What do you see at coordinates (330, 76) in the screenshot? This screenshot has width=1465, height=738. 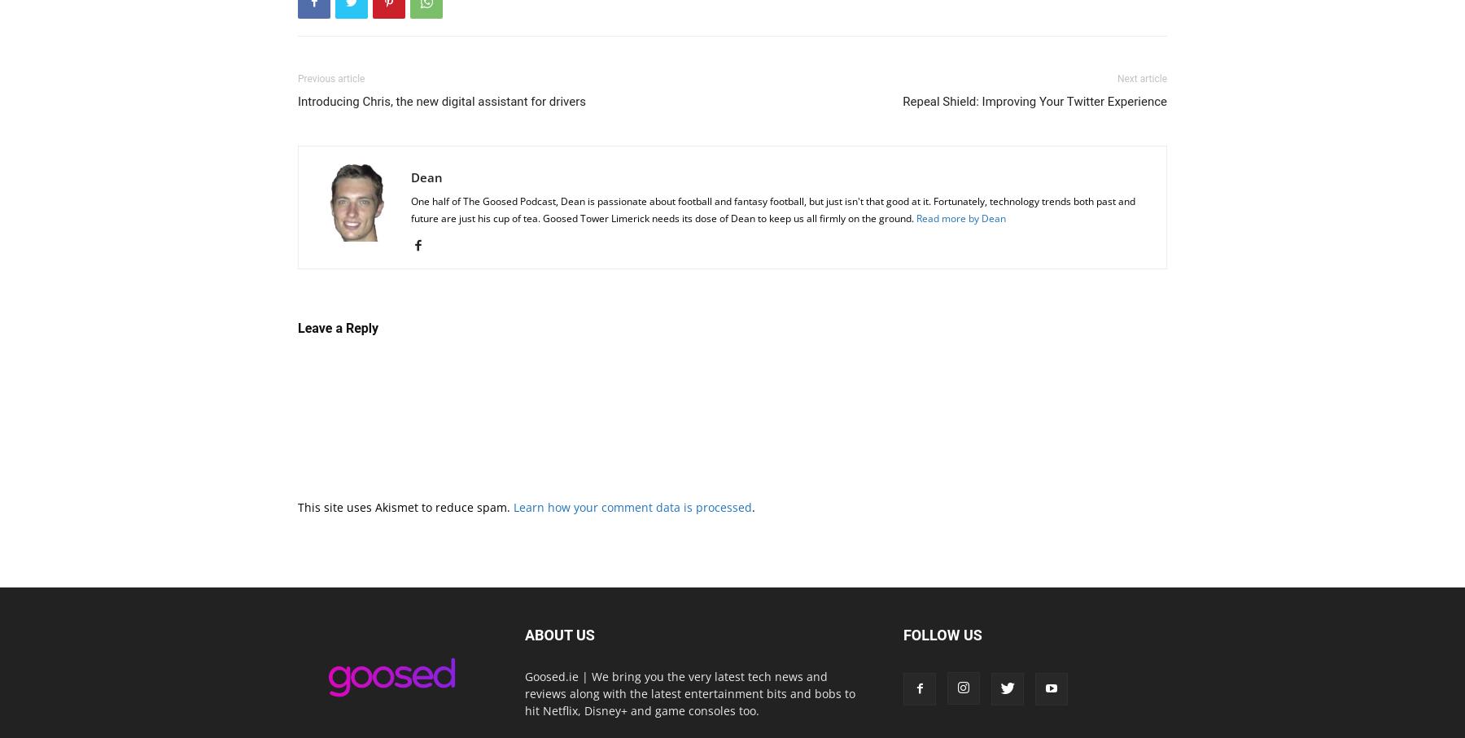 I see `'Previous article'` at bounding box center [330, 76].